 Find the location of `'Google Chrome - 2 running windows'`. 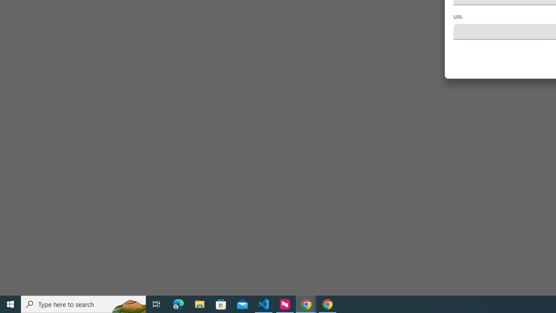

'Google Chrome - 2 running windows' is located at coordinates (306, 303).